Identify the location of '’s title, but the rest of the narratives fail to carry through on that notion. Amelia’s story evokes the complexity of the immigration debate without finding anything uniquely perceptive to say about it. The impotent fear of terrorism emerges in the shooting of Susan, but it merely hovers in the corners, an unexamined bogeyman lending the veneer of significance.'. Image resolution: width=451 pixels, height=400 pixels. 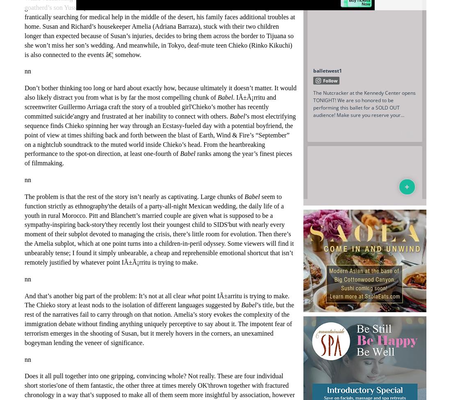
(159, 323).